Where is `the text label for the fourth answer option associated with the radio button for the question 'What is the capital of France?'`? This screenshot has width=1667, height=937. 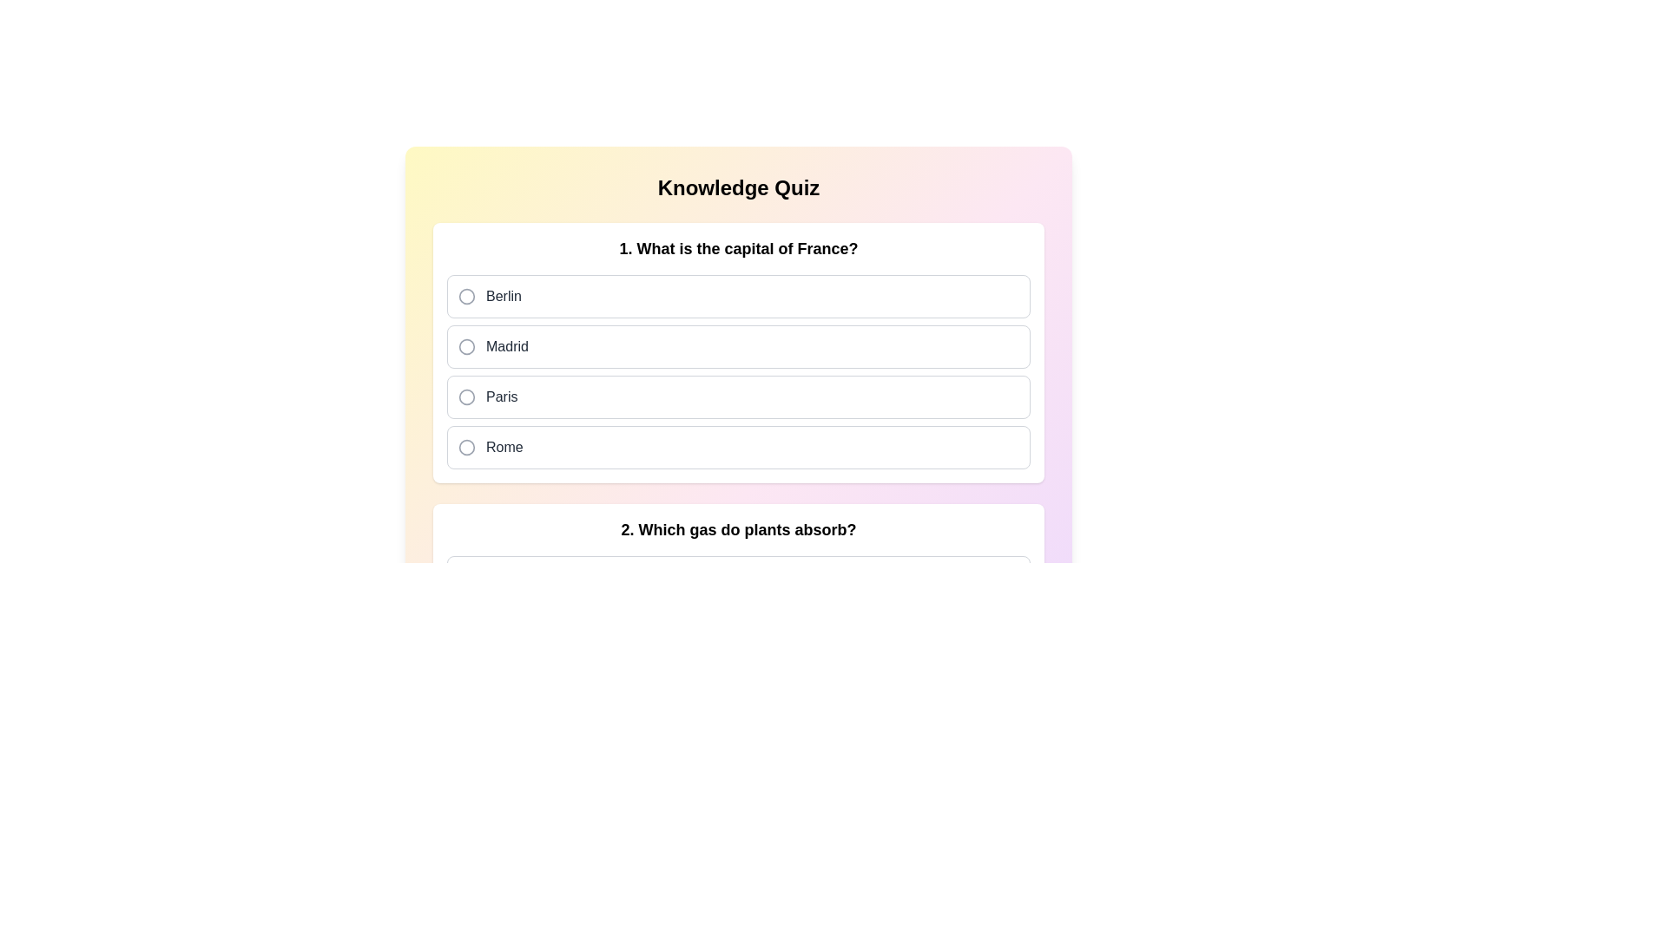
the text label for the fourth answer option associated with the radio button for the question 'What is the capital of France?' is located at coordinates (504, 447).